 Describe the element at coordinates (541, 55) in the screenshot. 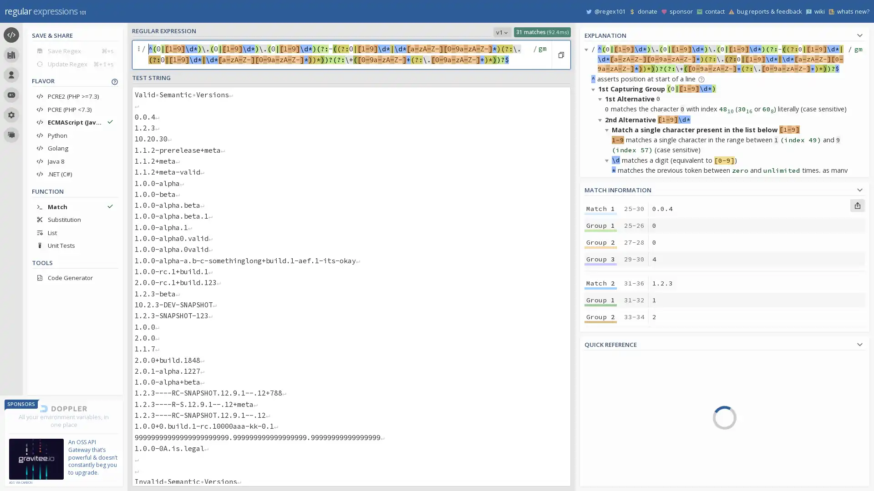

I see `Set Regex Options` at that location.